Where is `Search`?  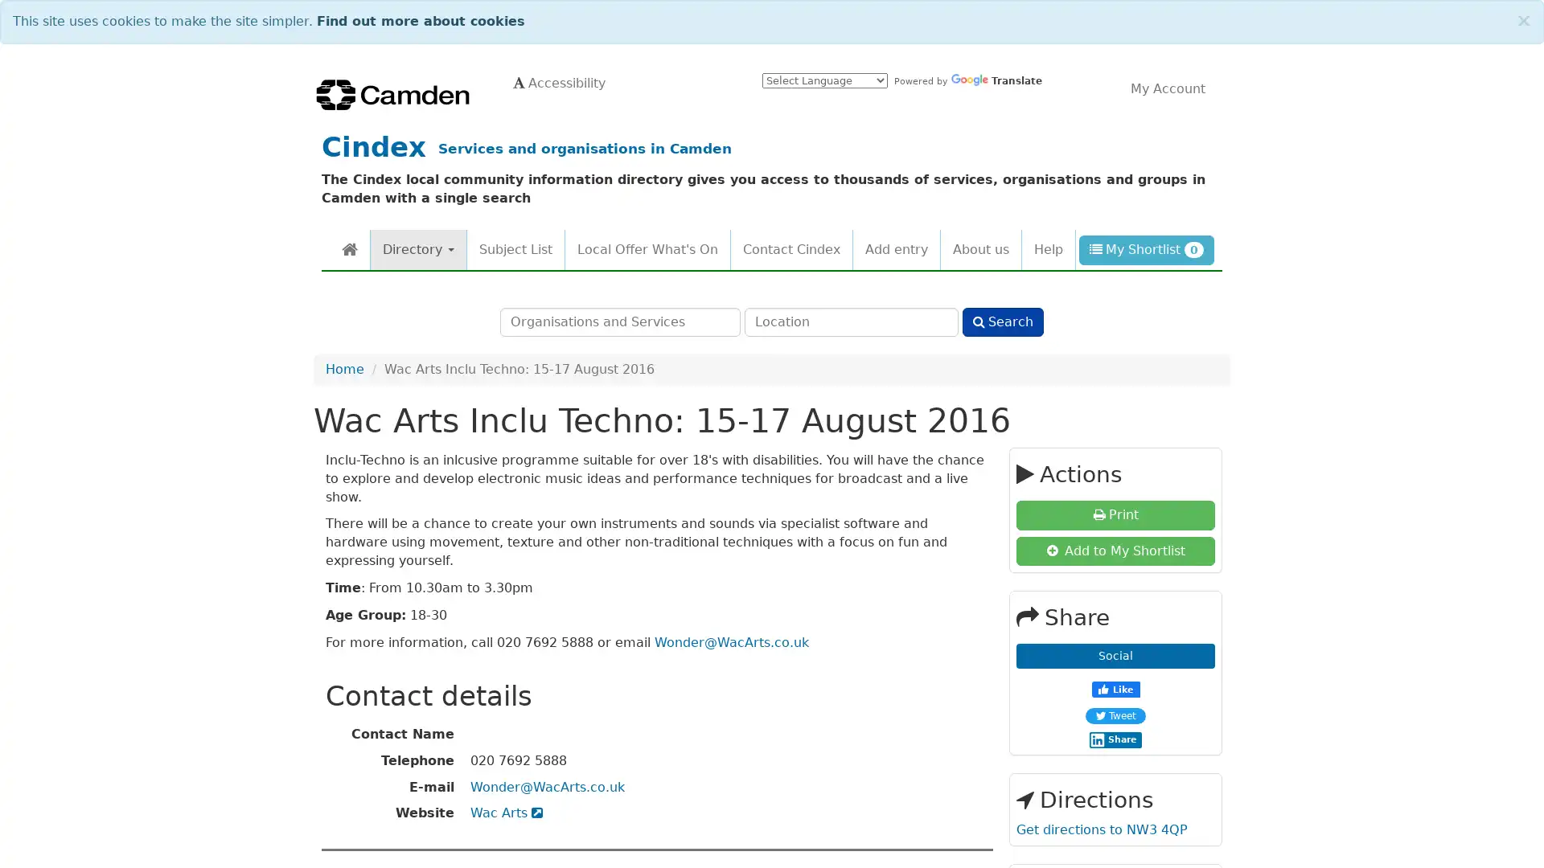 Search is located at coordinates (1002, 321).